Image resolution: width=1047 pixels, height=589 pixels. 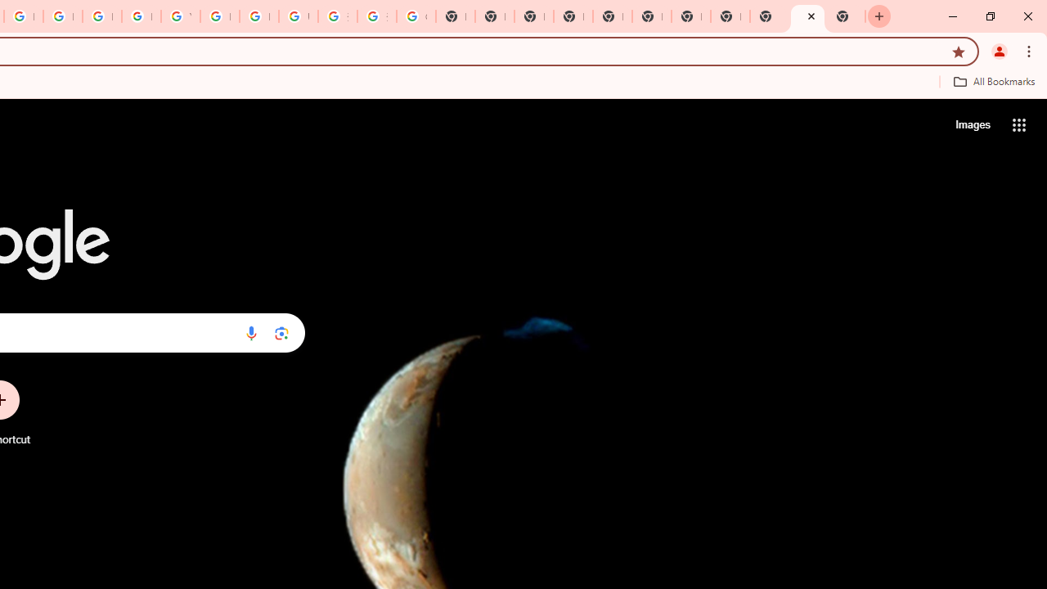 I want to click on 'New Tab', so click(x=846, y=16).